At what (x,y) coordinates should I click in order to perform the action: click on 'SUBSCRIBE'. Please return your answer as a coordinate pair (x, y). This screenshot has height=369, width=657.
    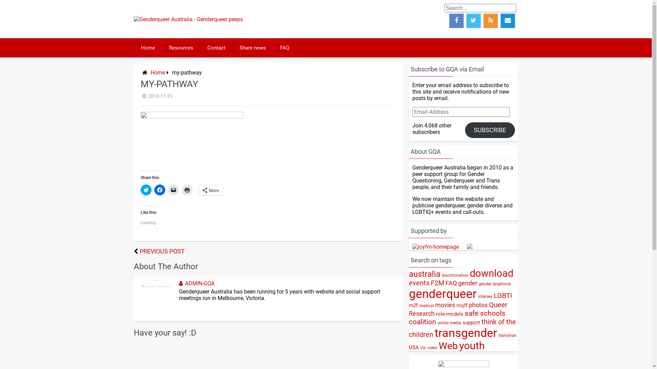
    Looking at the image, I should click on (489, 130).